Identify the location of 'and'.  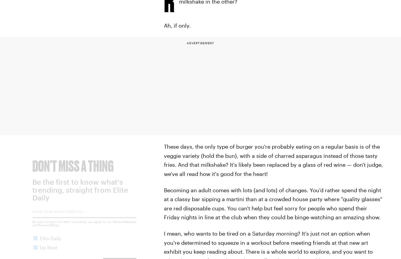
(35, 229).